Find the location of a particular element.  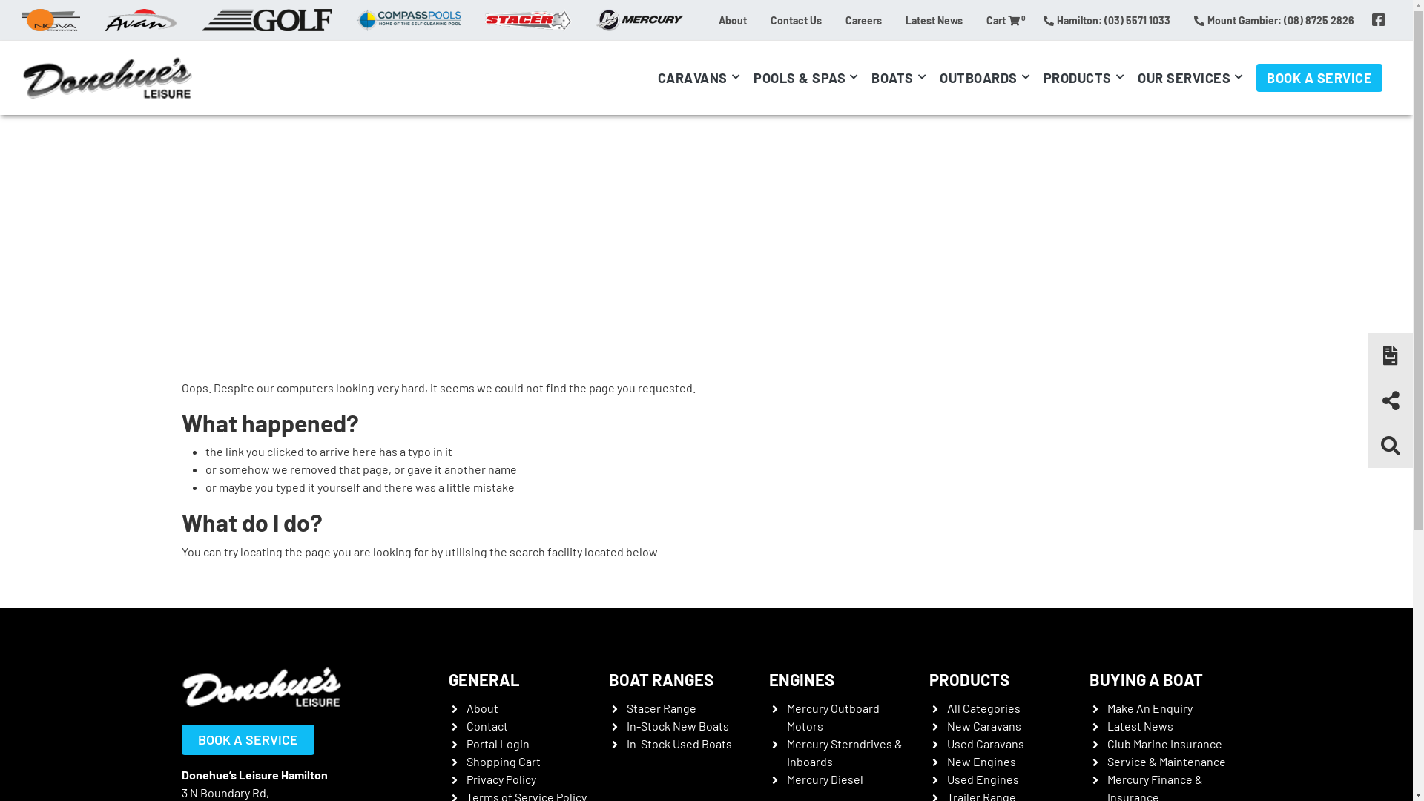

'In-Stock Used Boats' is located at coordinates (678, 743).